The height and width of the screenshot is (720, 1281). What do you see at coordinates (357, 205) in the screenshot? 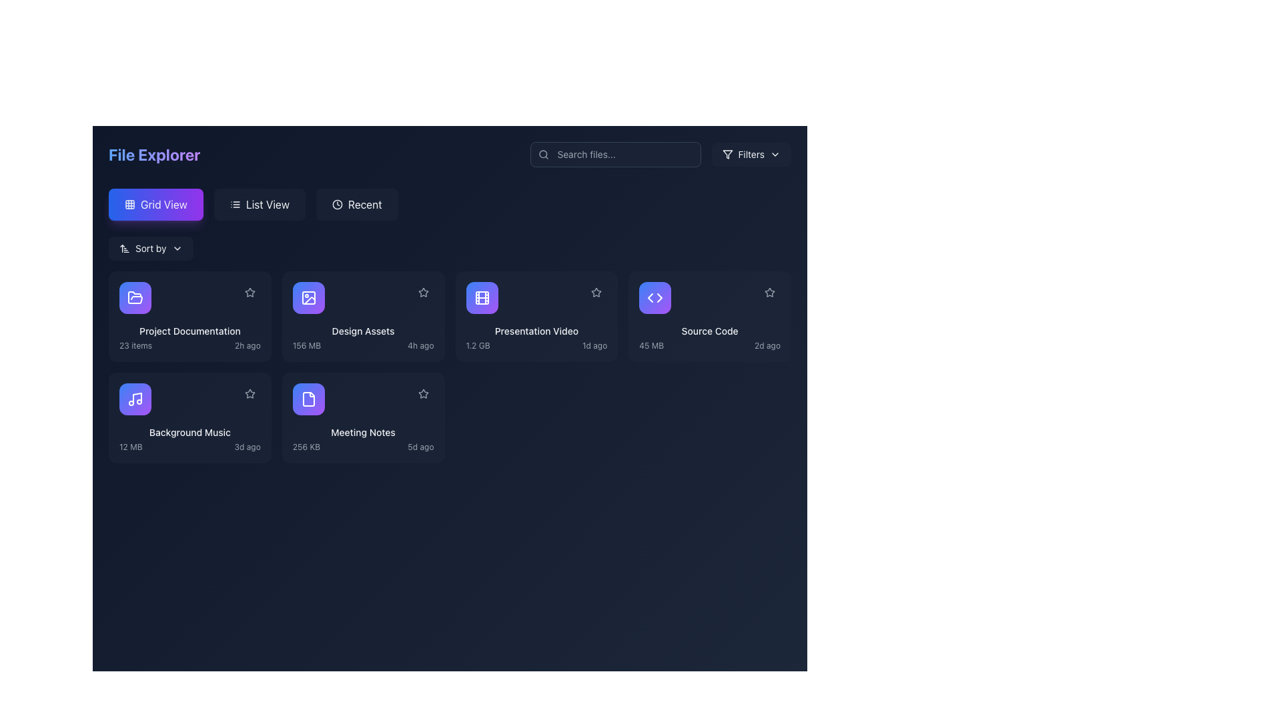
I see `the 'Recent' button, which features a circular clock icon and a dark background with a hover effect, located between the 'List View' button and the file viewer section` at bounding box center [357, 205].